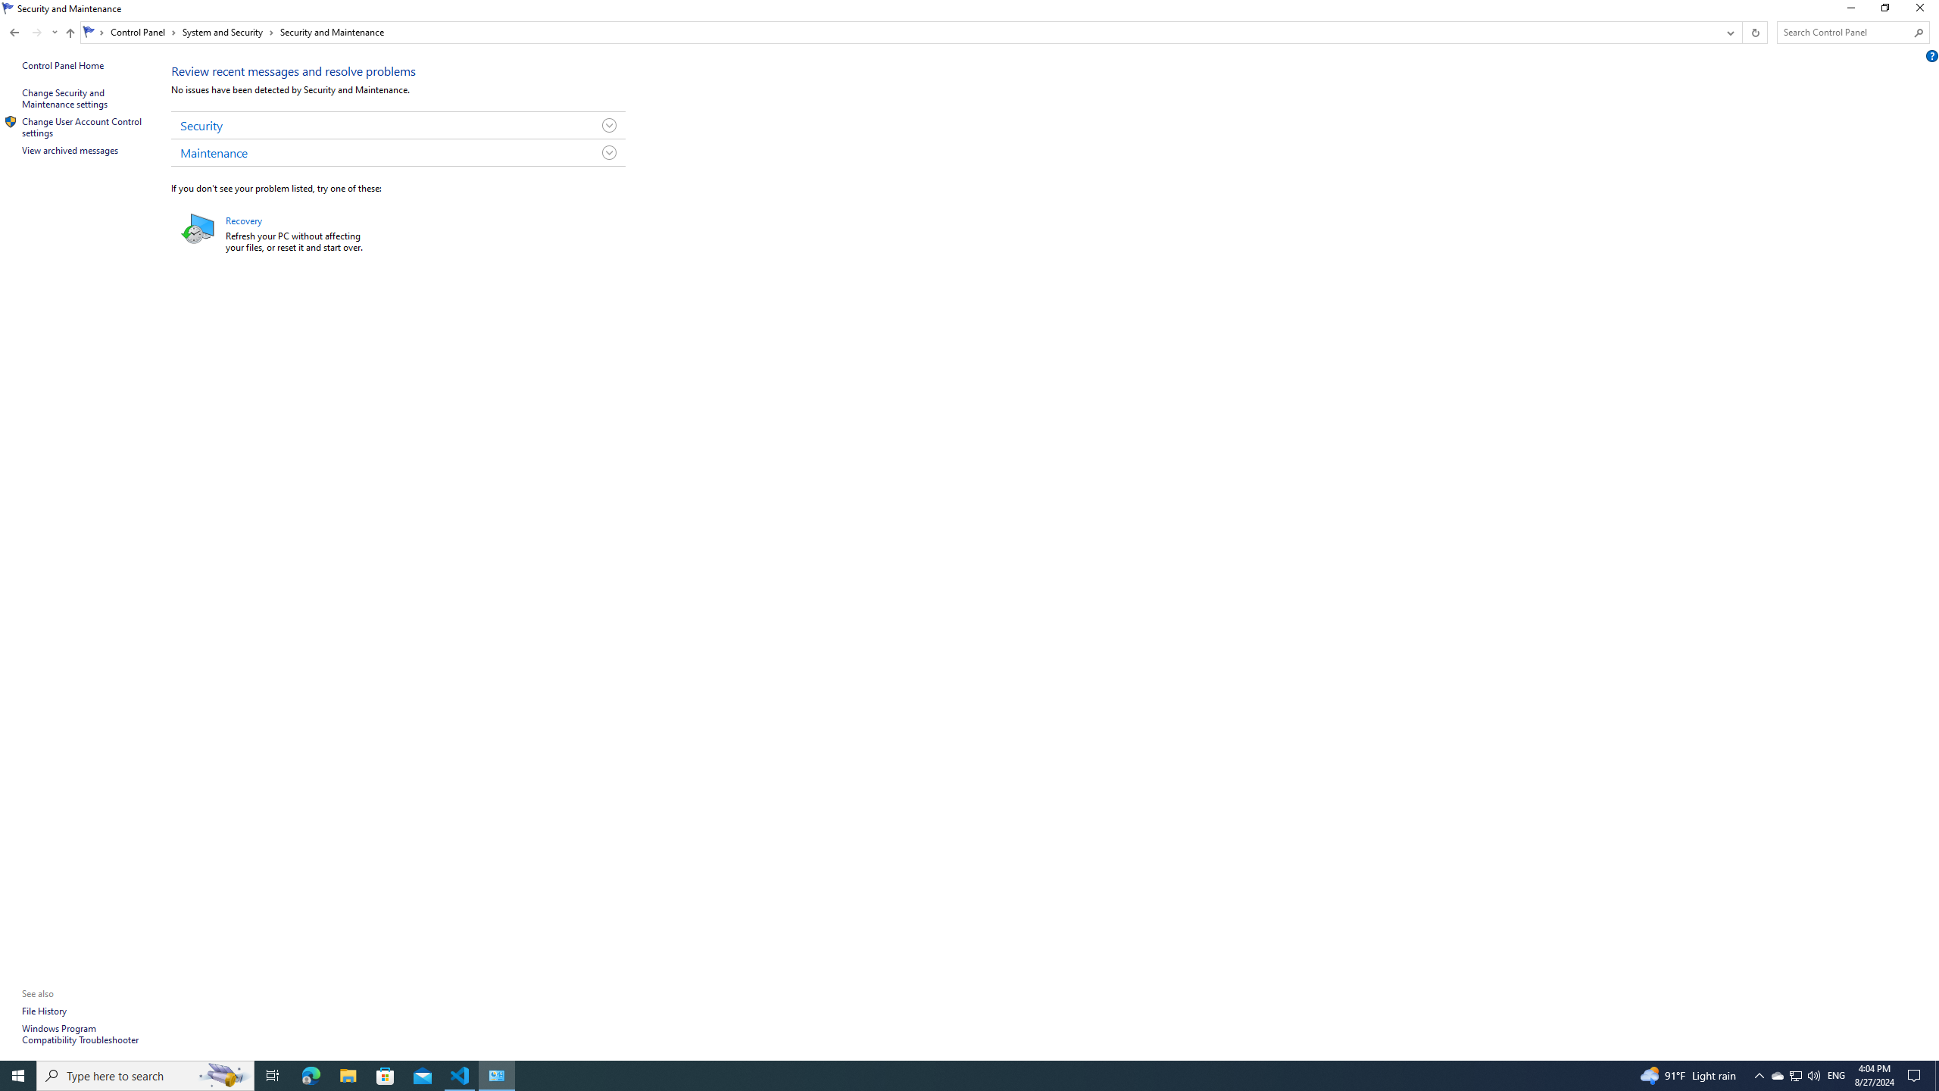 The height and width of the screenshot is (1091, 1939). What do you see at coordinates (1919, 32) in the screenshot?
I see `'Search'` at bounding box center [1919, 32].